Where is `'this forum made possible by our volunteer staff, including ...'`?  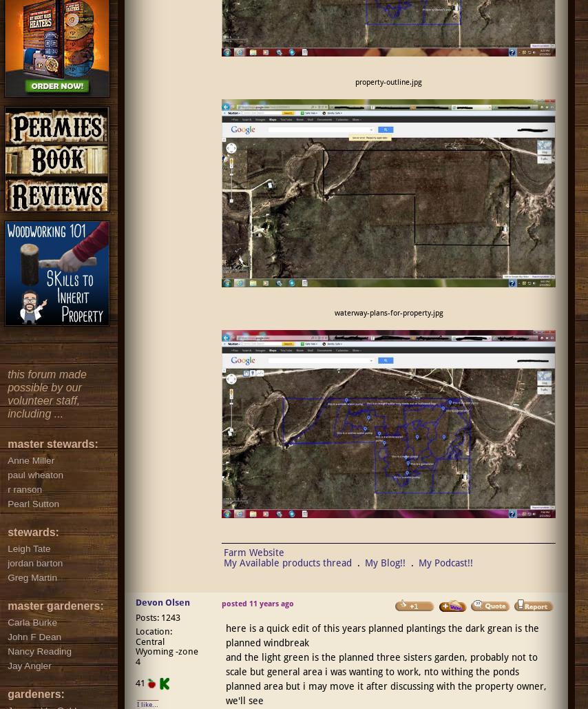
'this forum made possible by our volunteer staff, including ...' is located at coordinates (7, 393).